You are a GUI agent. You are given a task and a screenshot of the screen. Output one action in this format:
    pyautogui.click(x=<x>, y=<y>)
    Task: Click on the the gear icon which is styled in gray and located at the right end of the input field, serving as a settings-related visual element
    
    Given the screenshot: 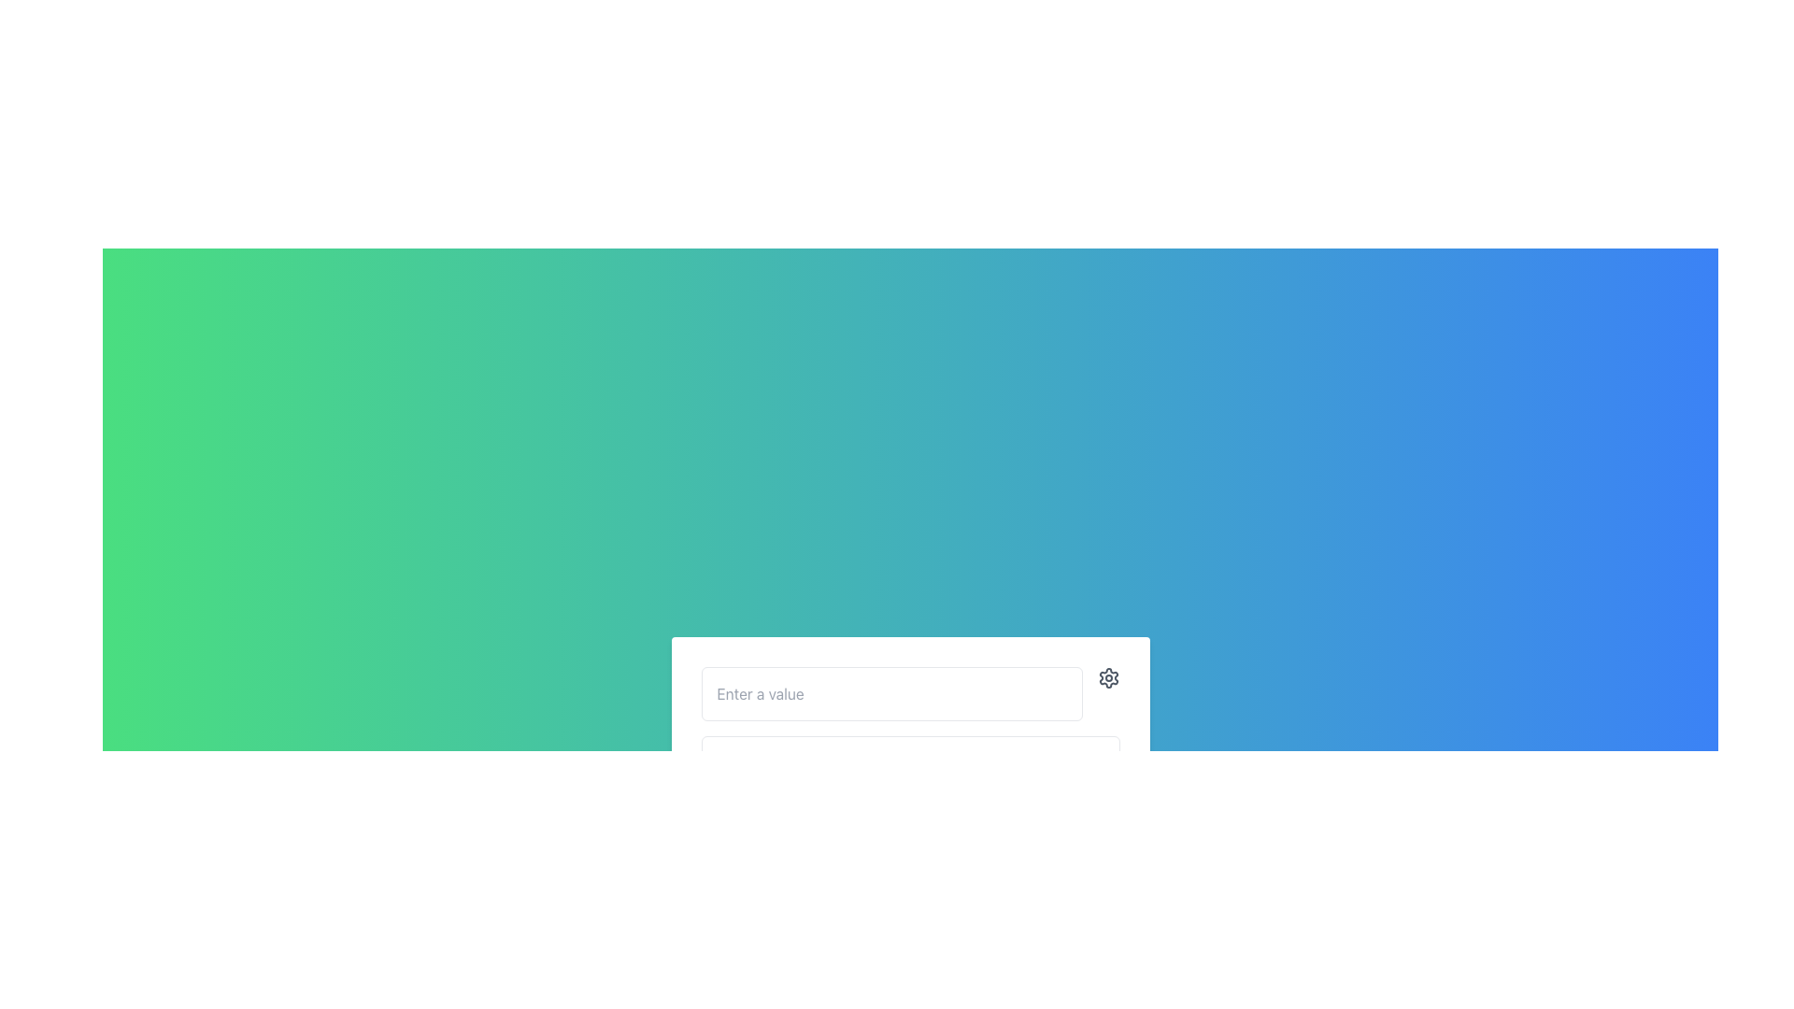 What is the action you would take?
    pyautogui.click(x=1108, y=677)
    